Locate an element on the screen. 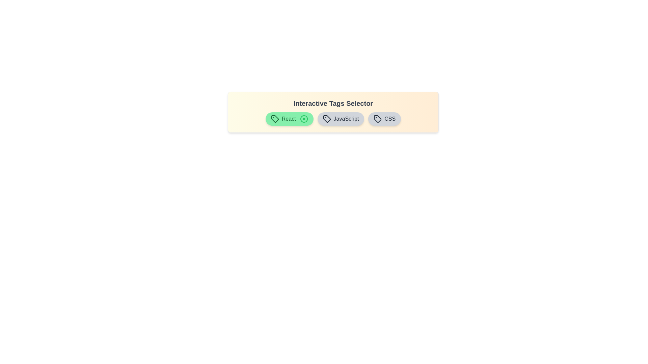 The height and width of the screenshot is (364, 648). the icon of the React tag is located at coordinates (303, 119).